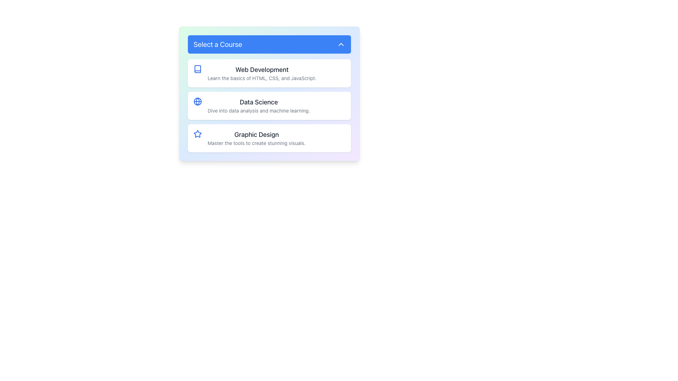 The width and height of the screenshot is (678, 381). I want to click on the second selectable list item for the 'Data Science' course located below 'Web Development' and above 'Graphic Design', so click(269, 106).